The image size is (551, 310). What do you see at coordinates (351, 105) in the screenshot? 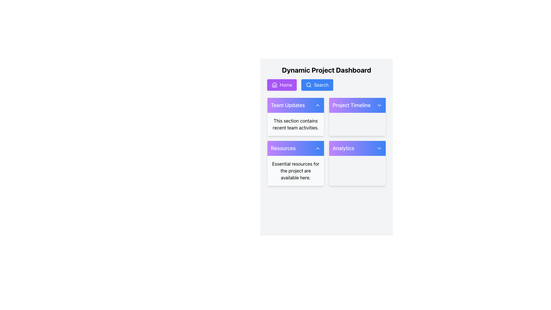
I see `the title text of the 'Project Timeline' section located at the top of the card, which occupies most of the horizontal space in the header` at bounding box center [351, 105].